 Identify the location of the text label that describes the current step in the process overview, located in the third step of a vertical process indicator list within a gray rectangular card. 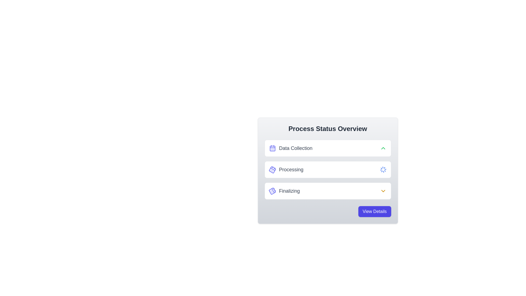
(289, 191).